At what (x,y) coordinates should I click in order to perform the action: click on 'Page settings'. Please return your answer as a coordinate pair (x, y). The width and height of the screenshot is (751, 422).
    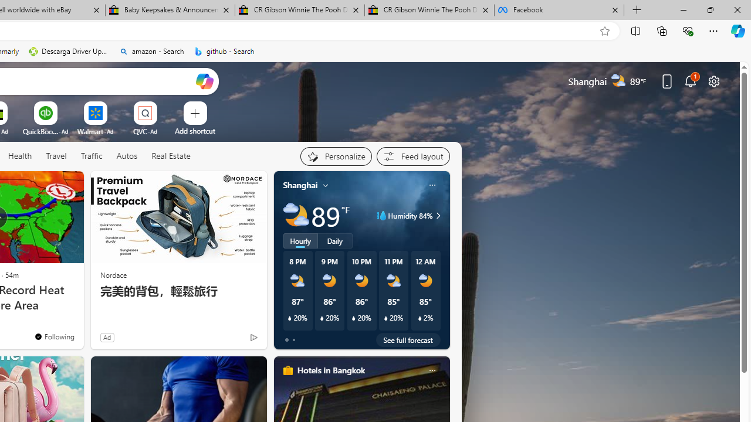
    Looking at the image, I should click on (713, 80).